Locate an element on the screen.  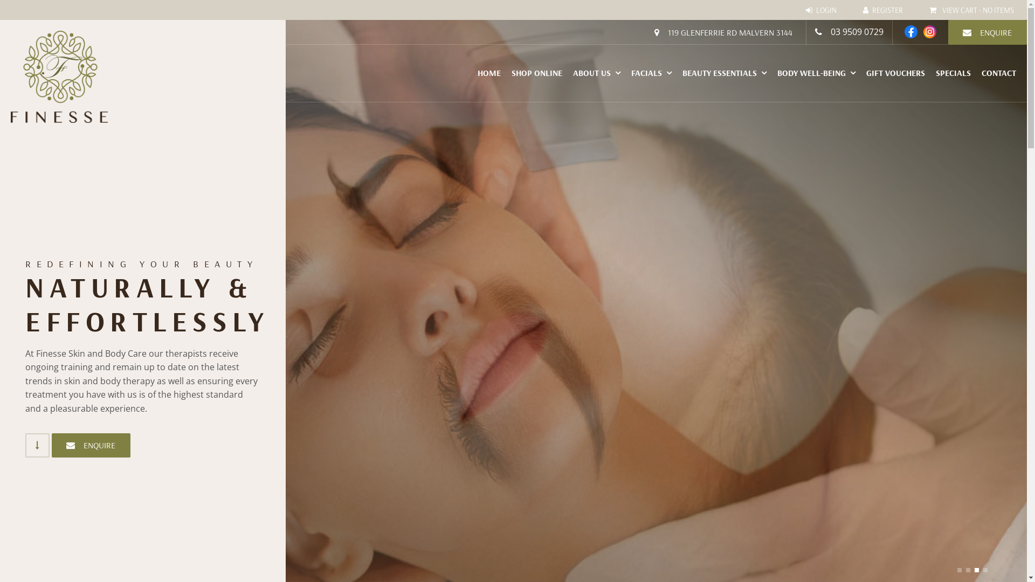
'ABOUT US' is located at coordinates (596, 73).